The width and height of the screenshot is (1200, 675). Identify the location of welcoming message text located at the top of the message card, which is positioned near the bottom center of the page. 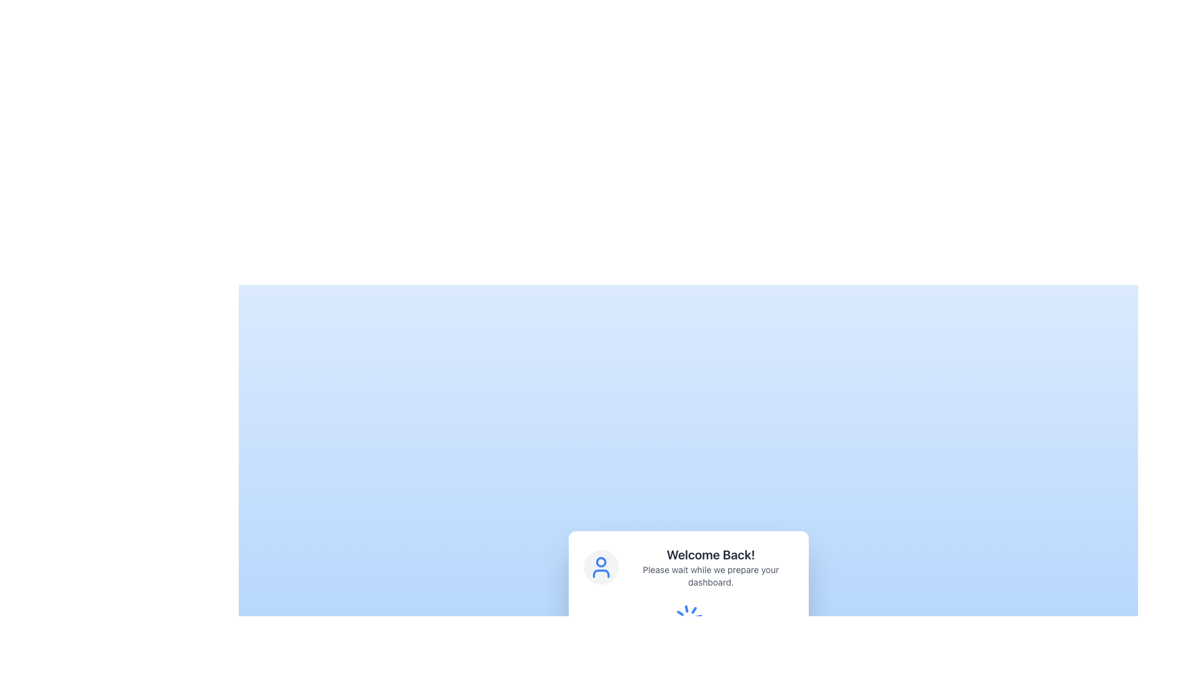
(711, 554).